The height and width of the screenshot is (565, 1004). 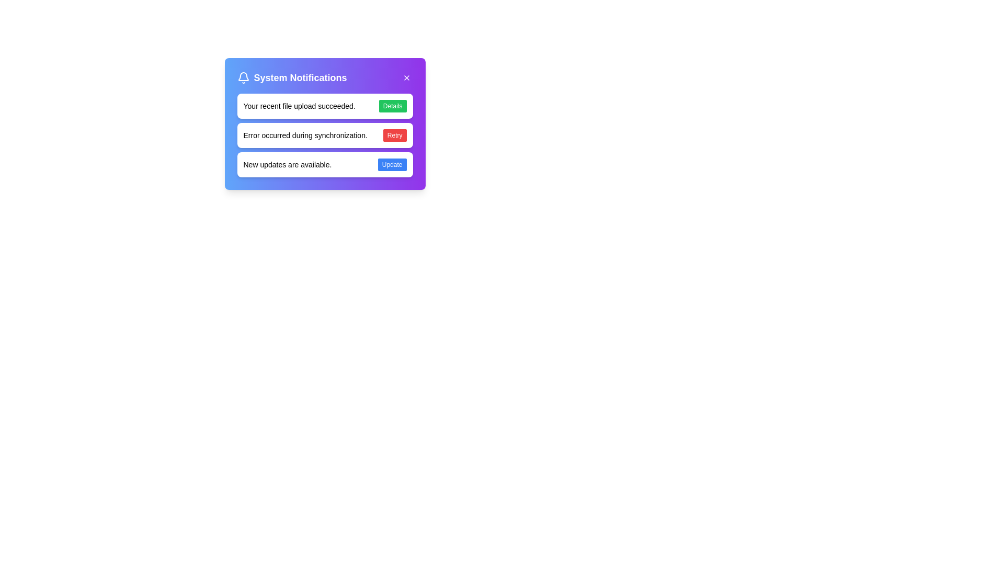 I want to click on the close button for the System Notifications panel, which is a rounded square with a purple background and a white 'X' icon, to observe the background color change, so click(x=406, y=77).